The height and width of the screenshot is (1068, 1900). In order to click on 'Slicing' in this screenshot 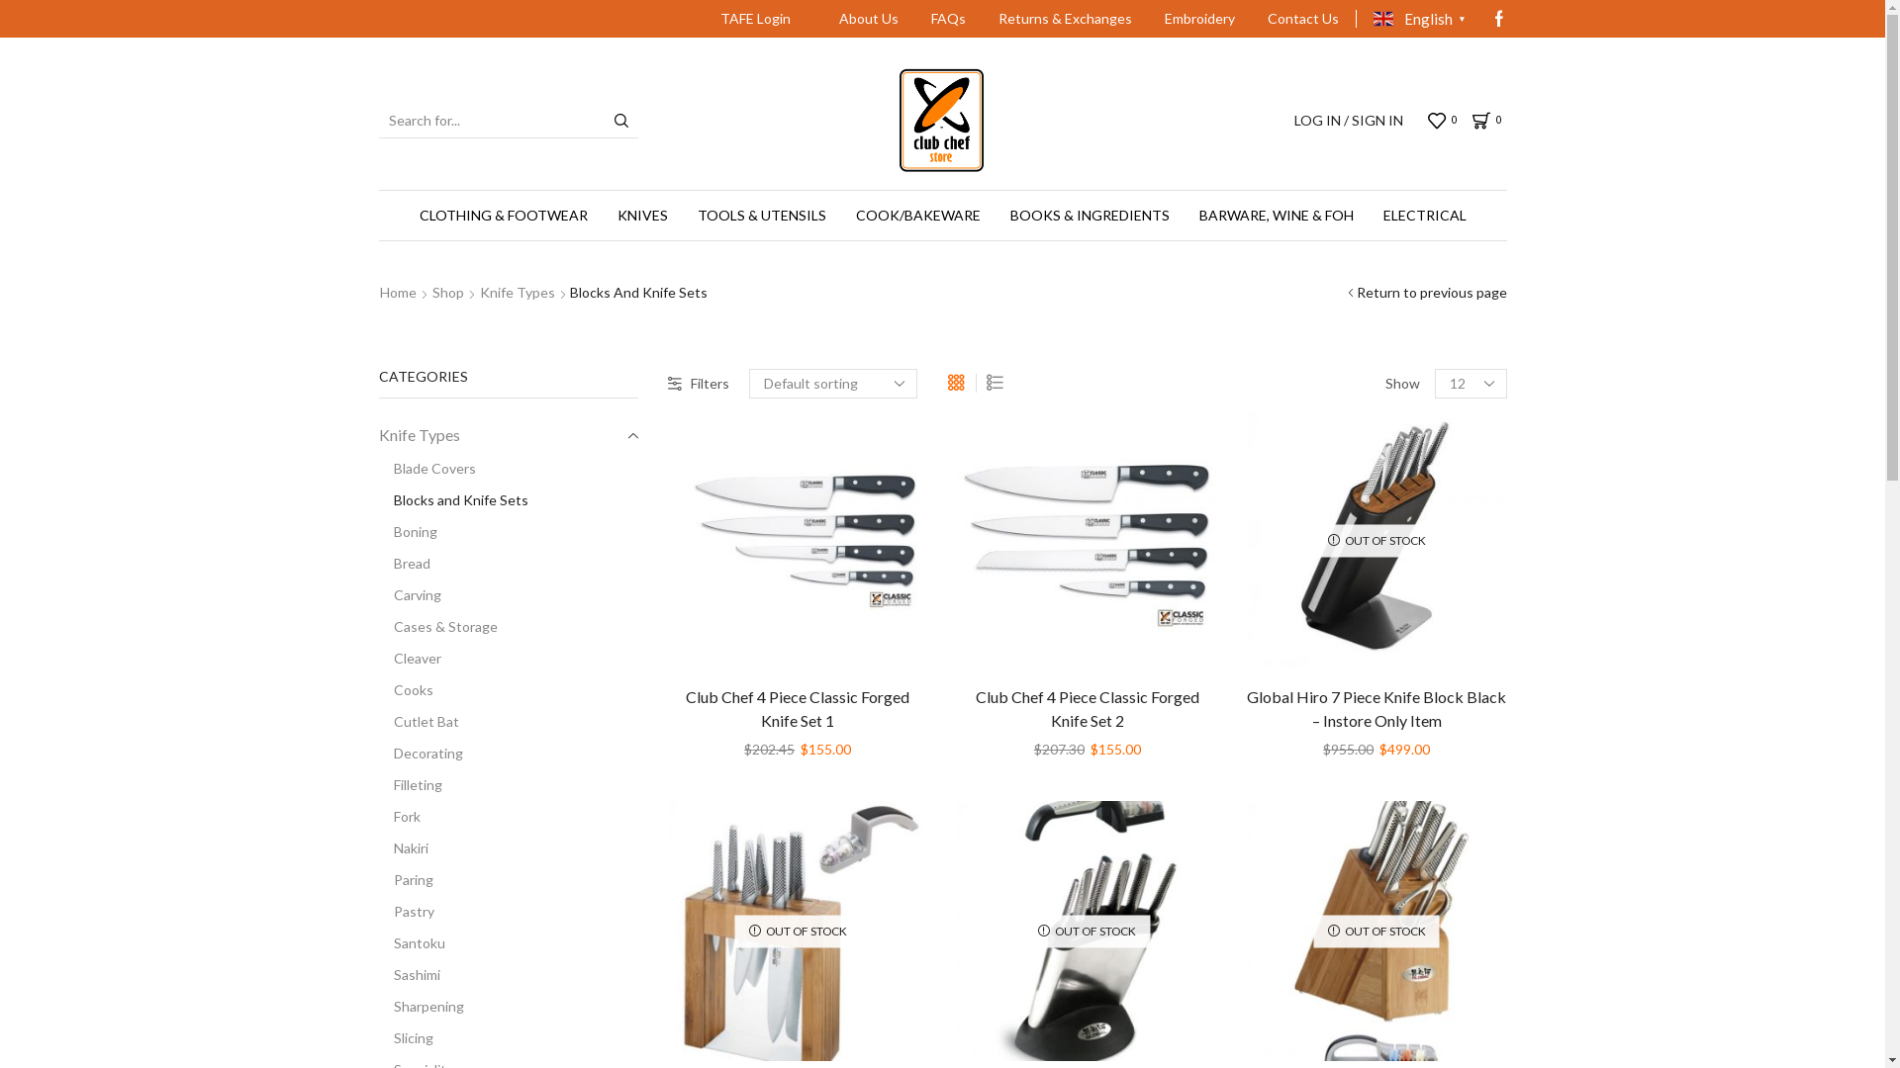, I will do `click(378, 1036)`.